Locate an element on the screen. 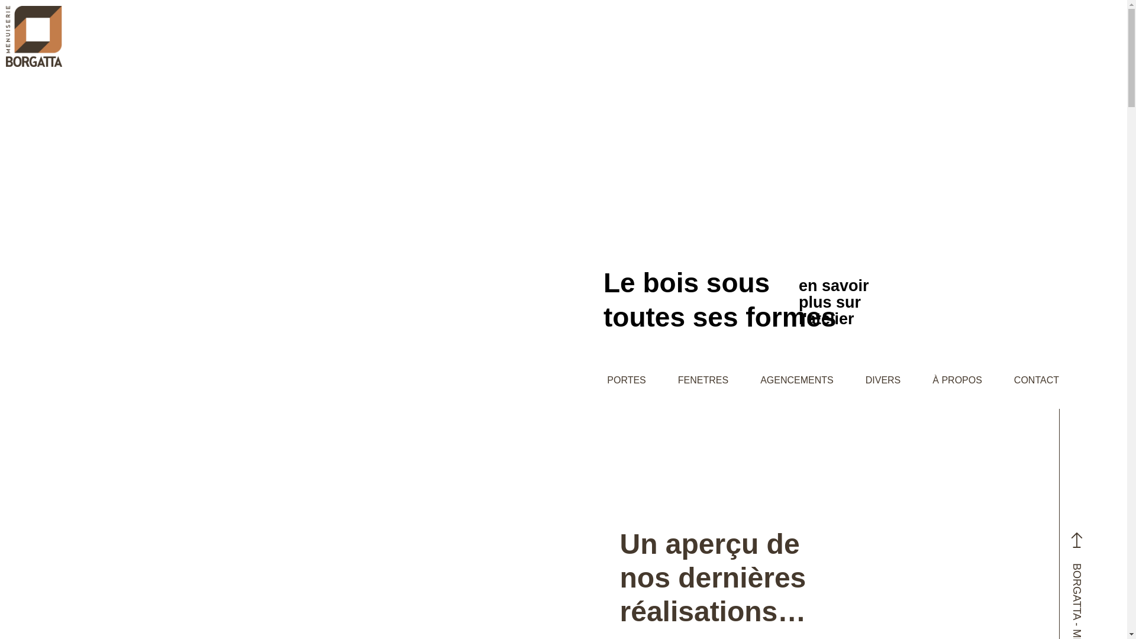 This screenshot has width=1136, height=639. 'DIVERS' is located at coordinates (883, 380).